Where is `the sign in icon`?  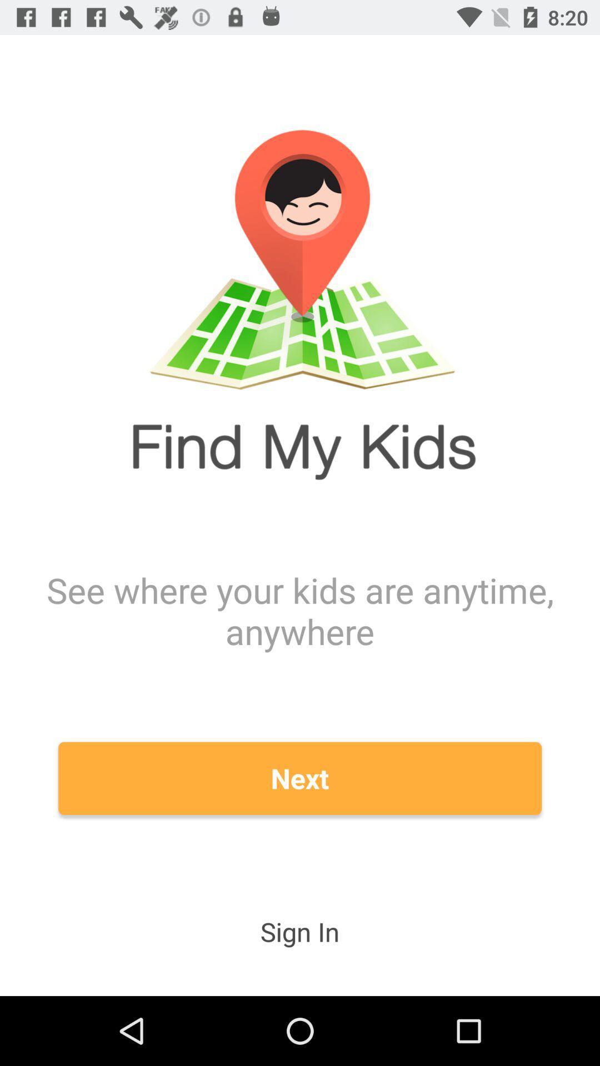 the sign in icon is located at coordinates (300, 932).